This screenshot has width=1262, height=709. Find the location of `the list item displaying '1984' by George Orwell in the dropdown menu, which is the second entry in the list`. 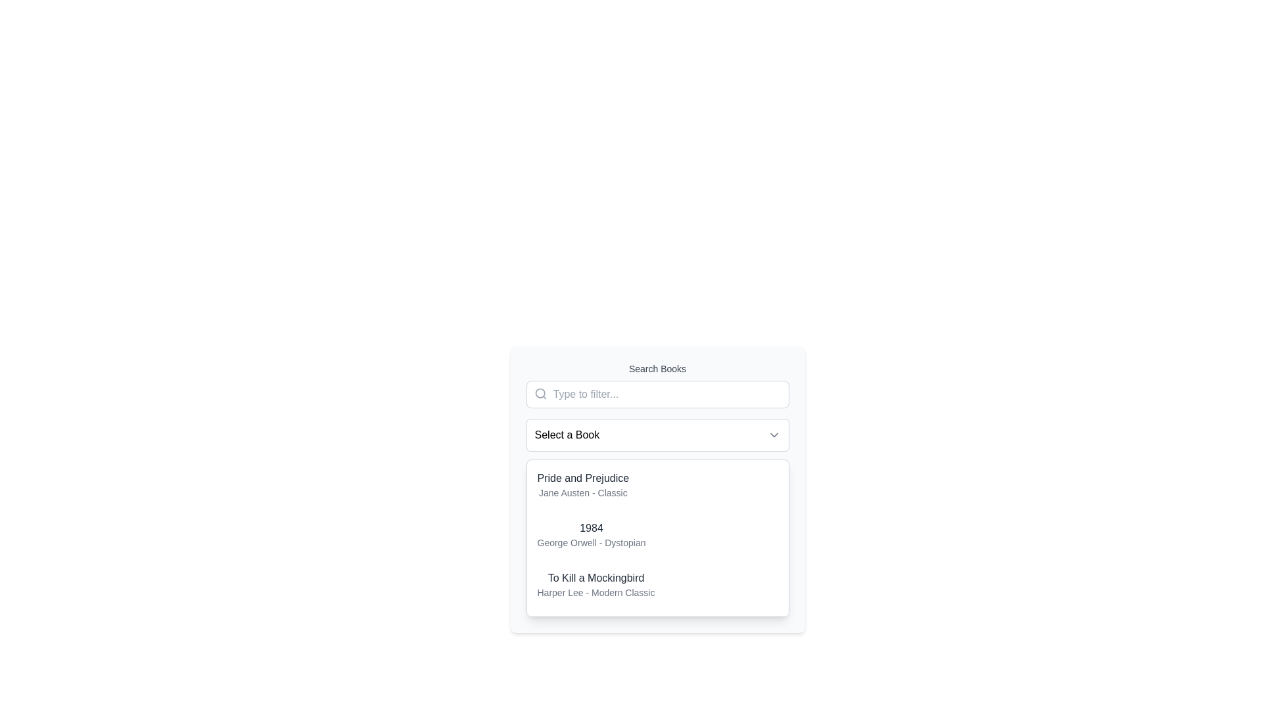

the list item displaying '1984' by George Orwell in the dropdown menu, which is the second entry in the list is located at coordinates (590, 534).